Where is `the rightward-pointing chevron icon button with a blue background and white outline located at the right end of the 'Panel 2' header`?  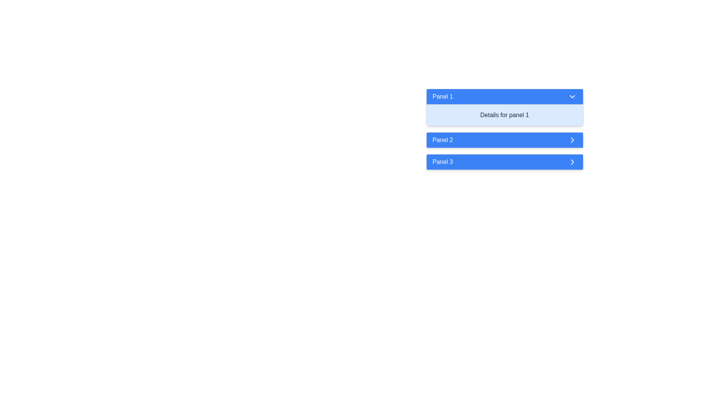
the rightward-pointing chevron icon button with a blue background and white outline located at the right end of the 'Panel 2' header is located at coordinates (572, 140).